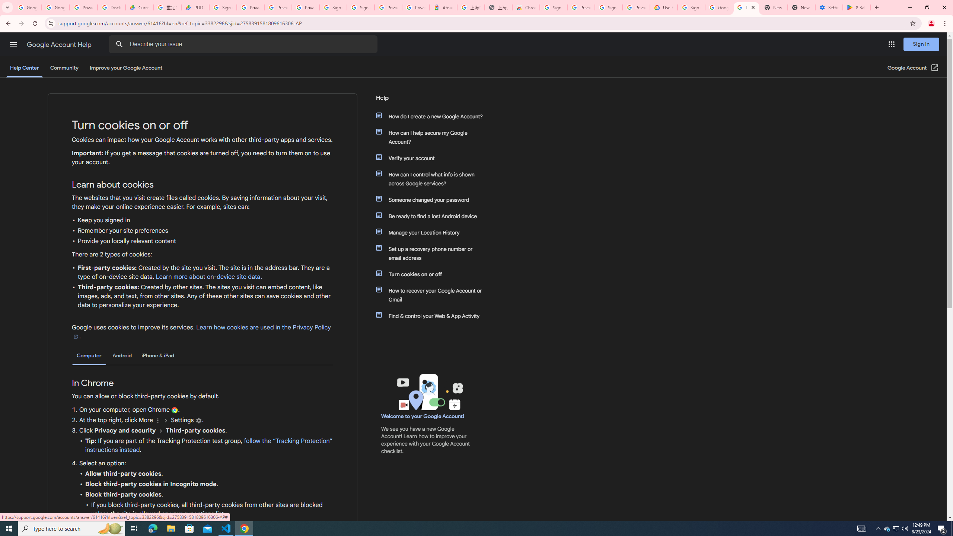 This screenshot has height=536, width=953. I want to click on 'Find & control your Web & App Activity', so click(433, 315).